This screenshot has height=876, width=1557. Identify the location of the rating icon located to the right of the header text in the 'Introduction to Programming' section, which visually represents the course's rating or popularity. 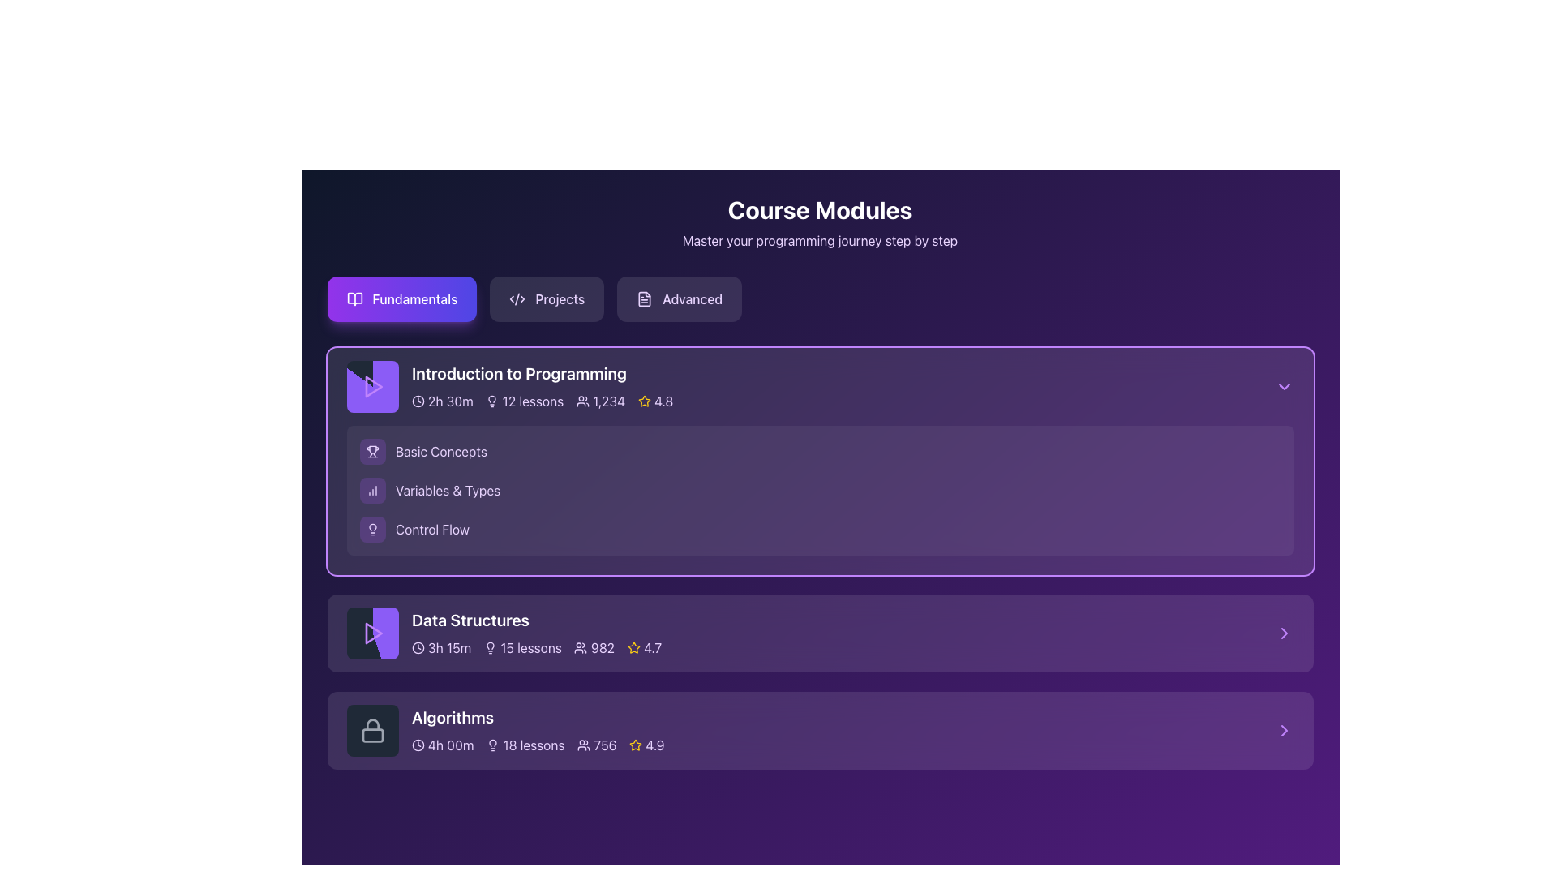
(633, 646).